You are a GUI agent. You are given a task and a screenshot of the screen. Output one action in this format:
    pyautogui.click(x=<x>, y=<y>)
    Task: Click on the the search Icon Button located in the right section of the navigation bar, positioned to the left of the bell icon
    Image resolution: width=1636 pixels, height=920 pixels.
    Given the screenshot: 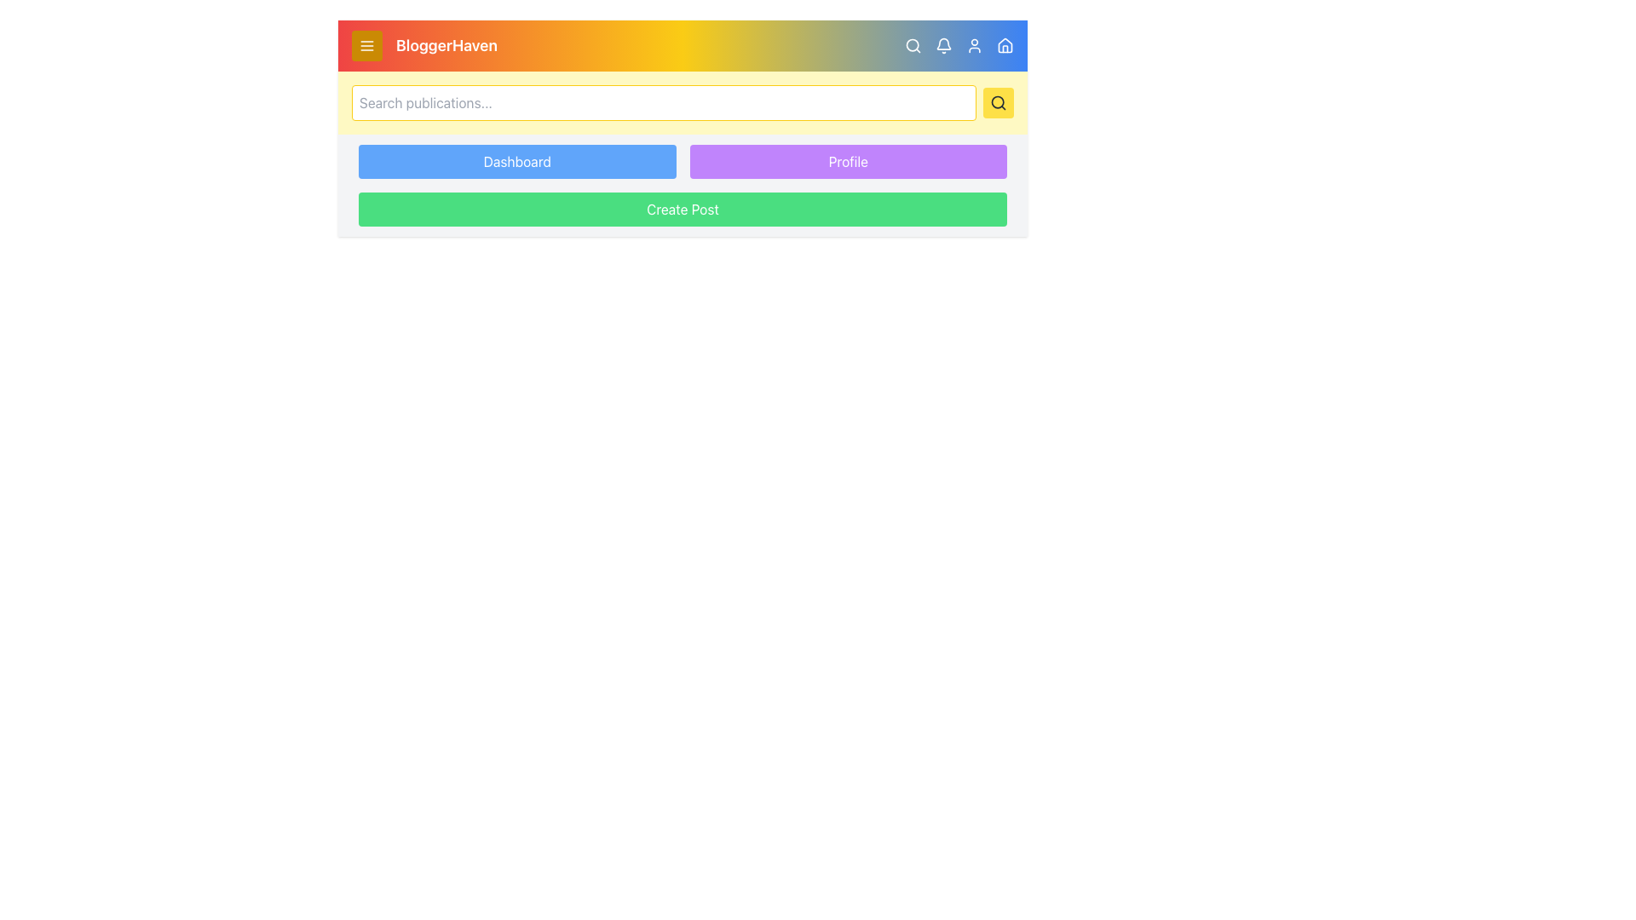 What is the action you would take?
    pyautogui.click(x=912, y=45)
    